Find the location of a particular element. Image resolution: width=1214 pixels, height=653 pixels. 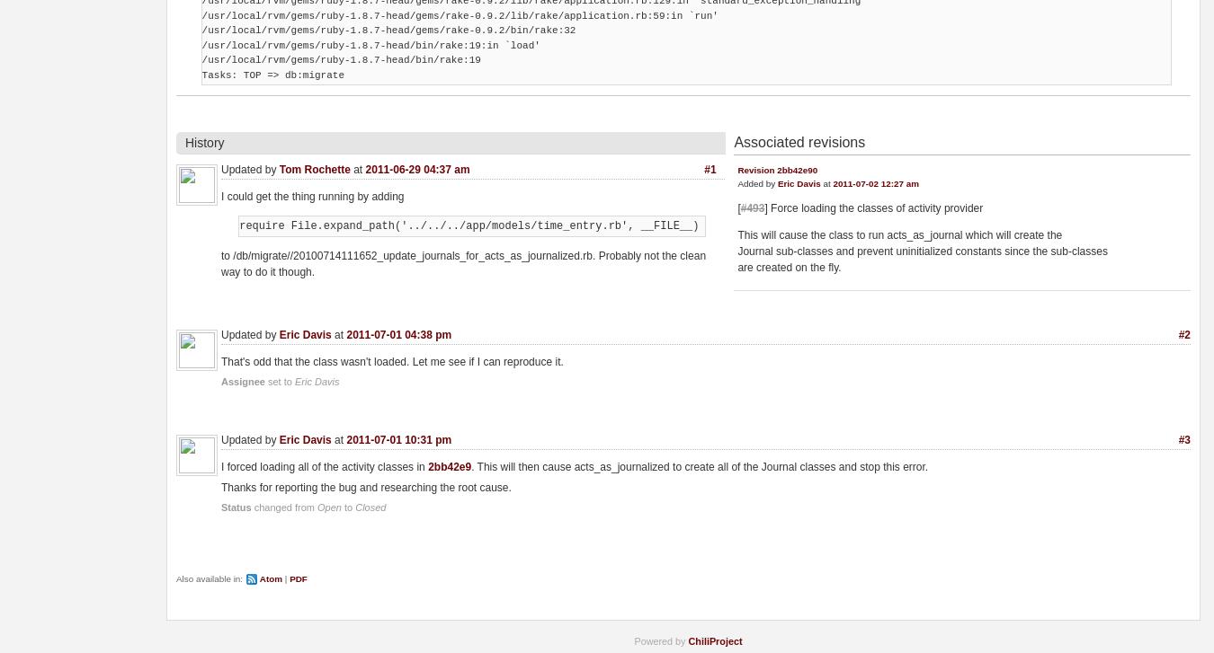

'Associated revisions' is located at coordinates (799, 142).